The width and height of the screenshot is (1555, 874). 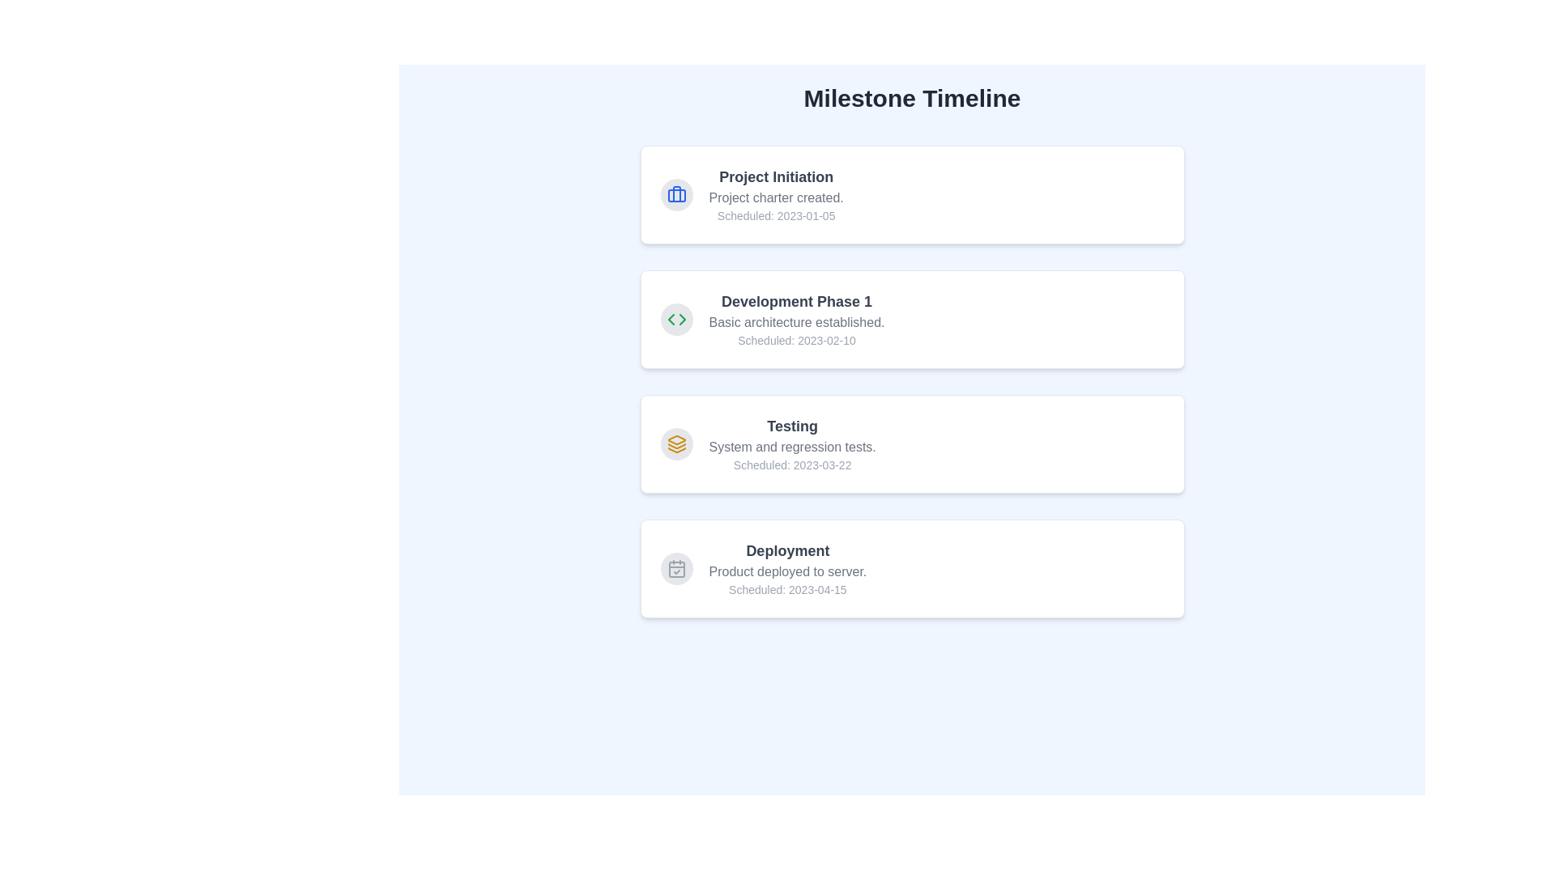 What do you see at coordinates (792, 443) in the screenshot?
I see `timeline entry text element that displays the title 'Testing', description 'System and regression tests.', and the date 'Scheduled: 2023-03-22', located in the third card of the vertically stacked milestone steps list` at bounding box center [792, 443].